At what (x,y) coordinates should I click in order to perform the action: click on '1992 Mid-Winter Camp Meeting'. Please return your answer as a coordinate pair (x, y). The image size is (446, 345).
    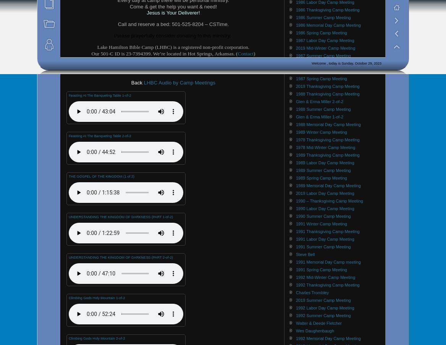
    Looking at the image, I should click on (296, 277).